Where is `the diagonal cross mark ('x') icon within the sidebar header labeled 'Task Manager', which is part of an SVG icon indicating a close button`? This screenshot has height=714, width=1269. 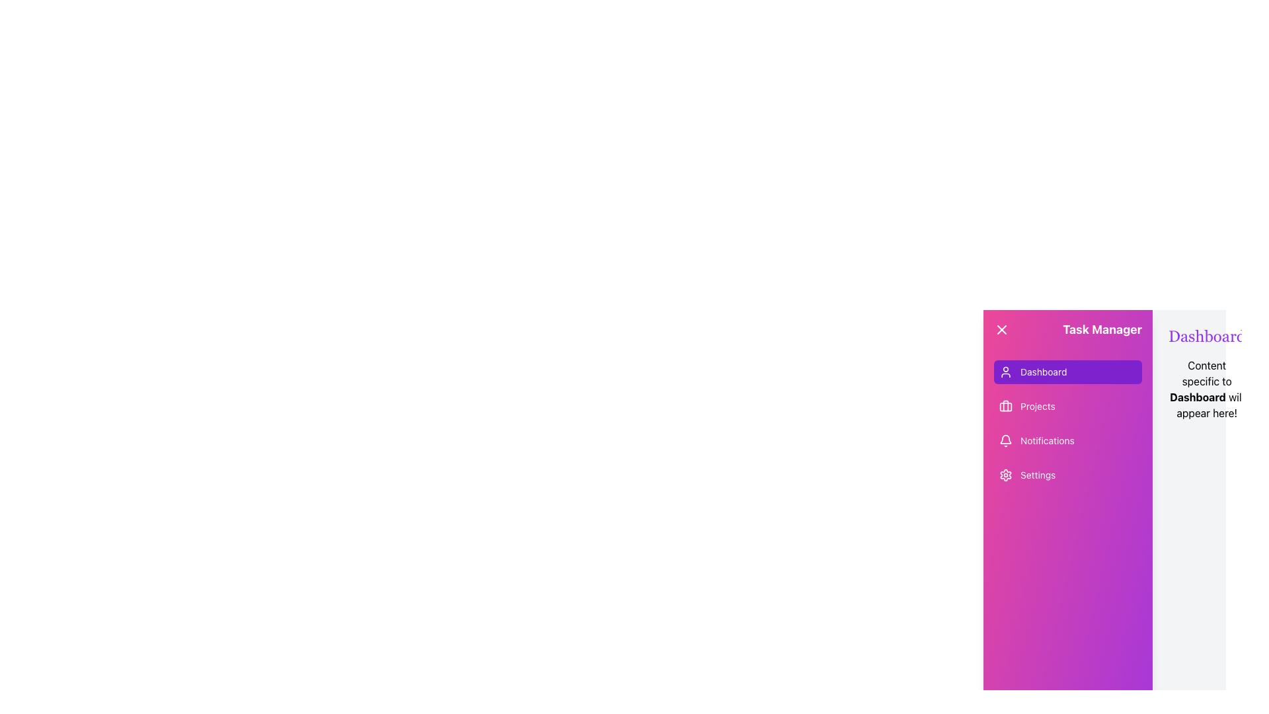
the diagonal cross mark ('x') icon within the sidebar header labeled 'Task Manager', which is part of an SVG icon indicating a close button is located at coordinates (1002, 329).